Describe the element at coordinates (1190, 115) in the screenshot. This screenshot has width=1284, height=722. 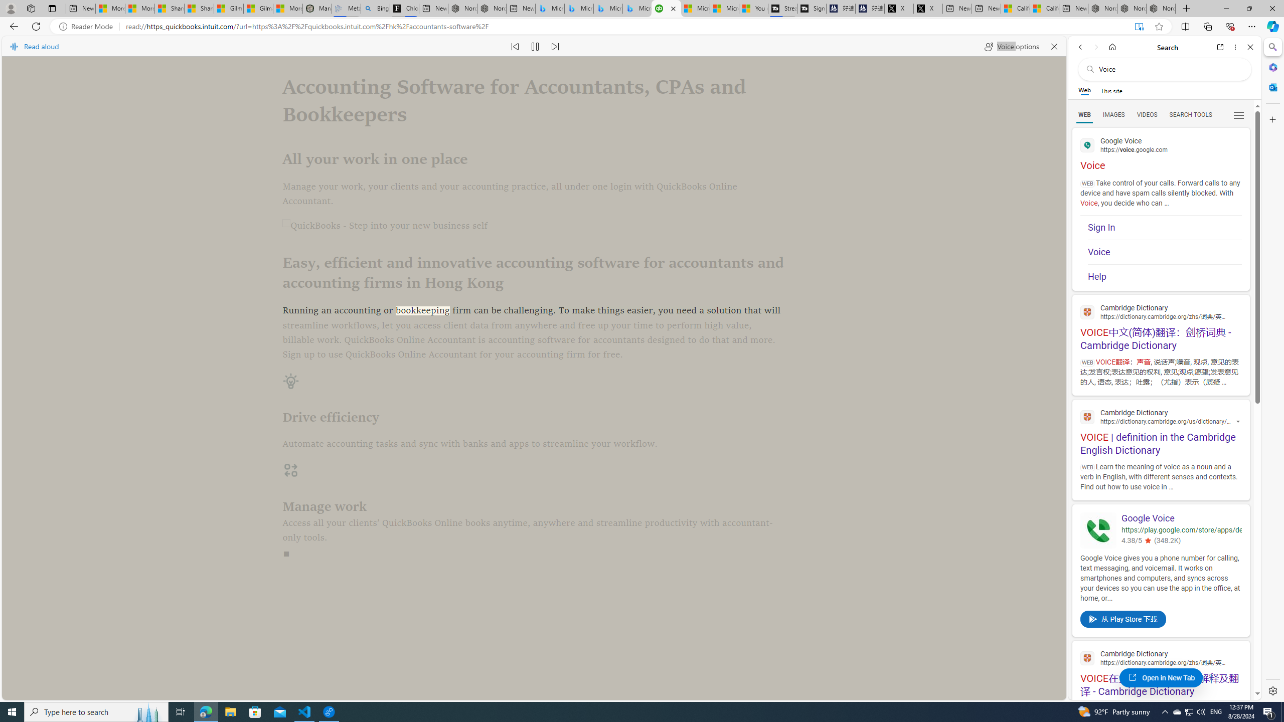
I see `'SEARCH TOOLS'` at that location.